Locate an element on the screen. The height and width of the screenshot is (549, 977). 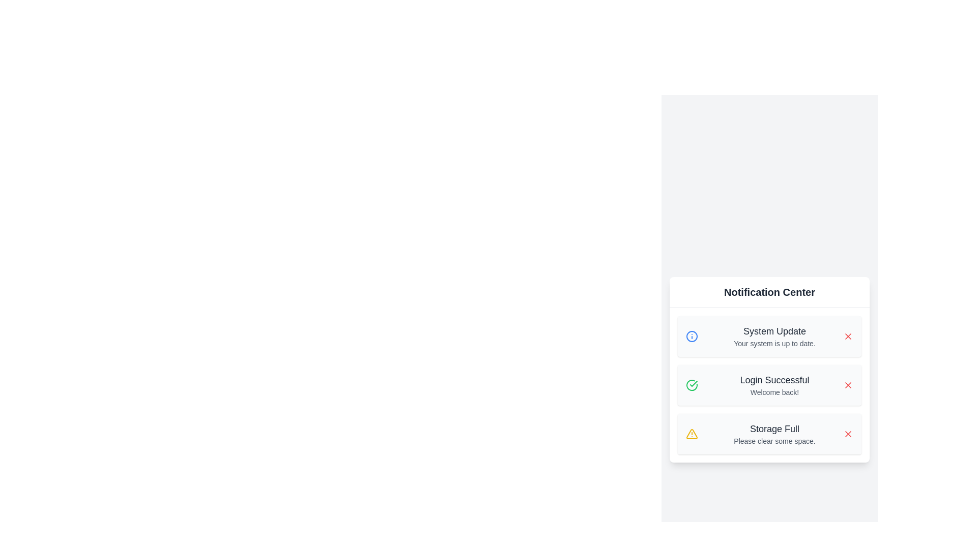
the presence of the icon located at the top left corner of the notification card displaying 'System Update' is located at coordinates (696, 335).